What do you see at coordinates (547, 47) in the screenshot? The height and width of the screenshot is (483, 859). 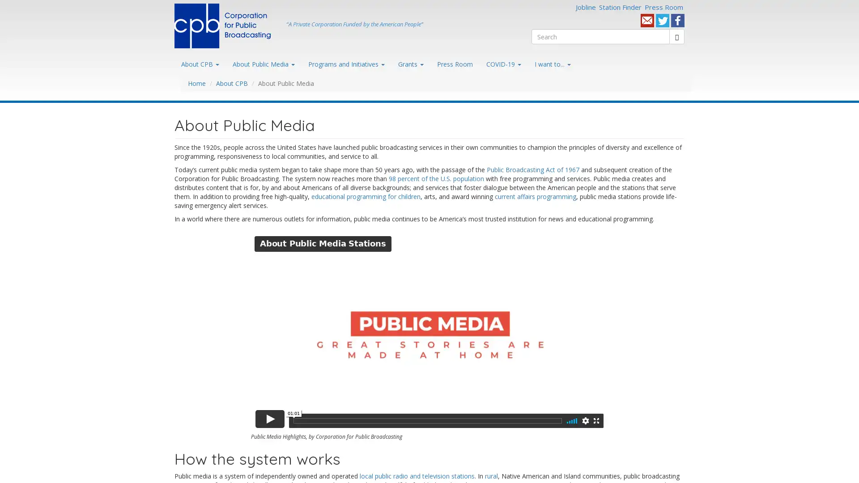 I see `Search` at bounding box center [547, 47].